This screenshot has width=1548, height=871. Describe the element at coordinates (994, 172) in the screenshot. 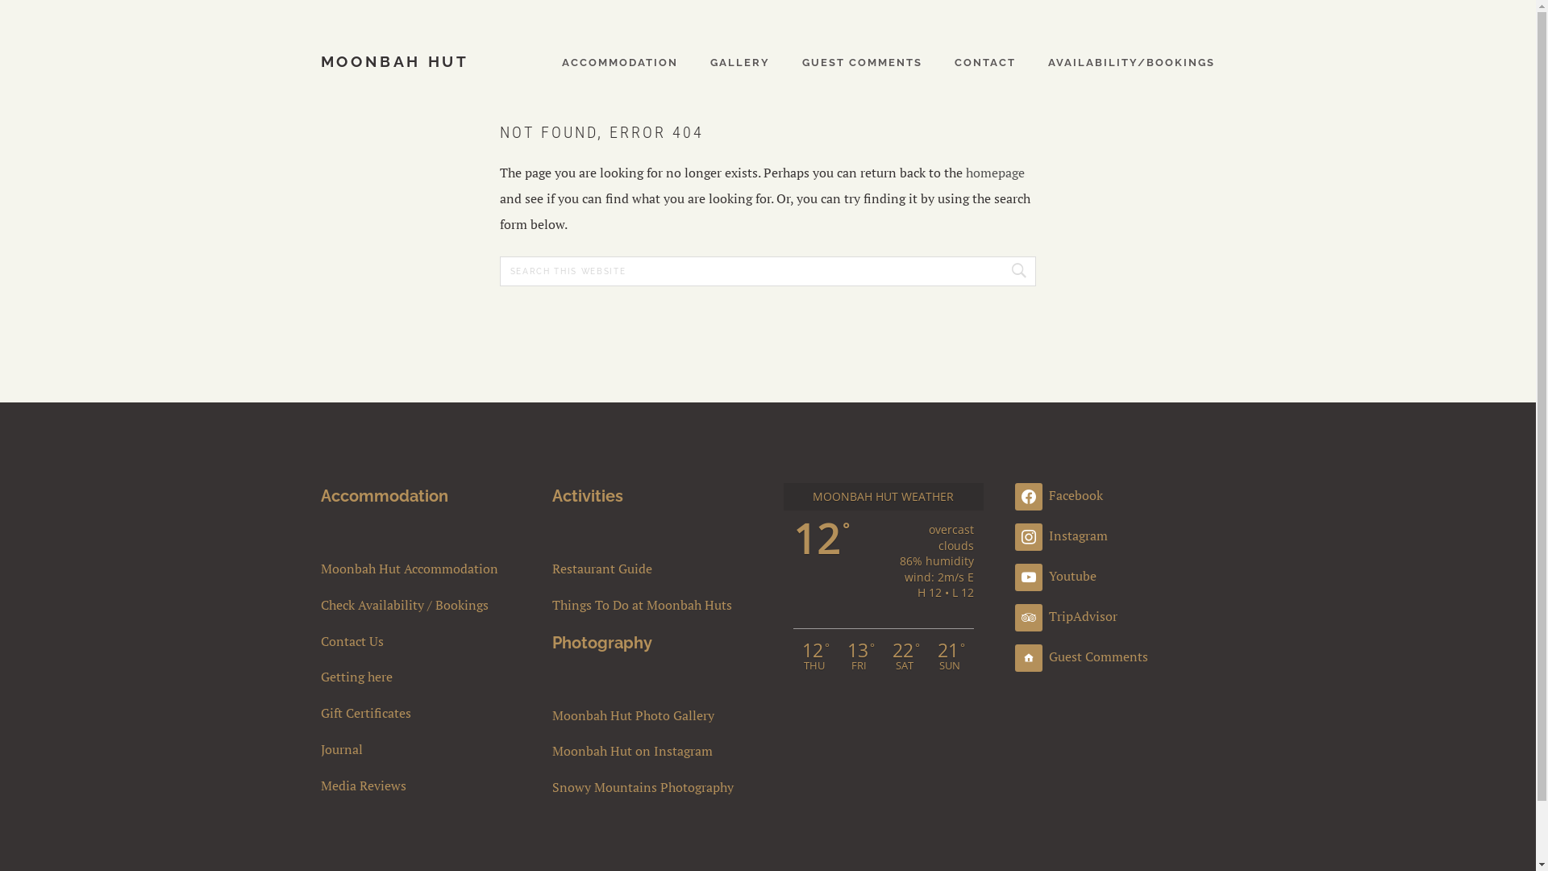

I see `'homepage'` at that location.